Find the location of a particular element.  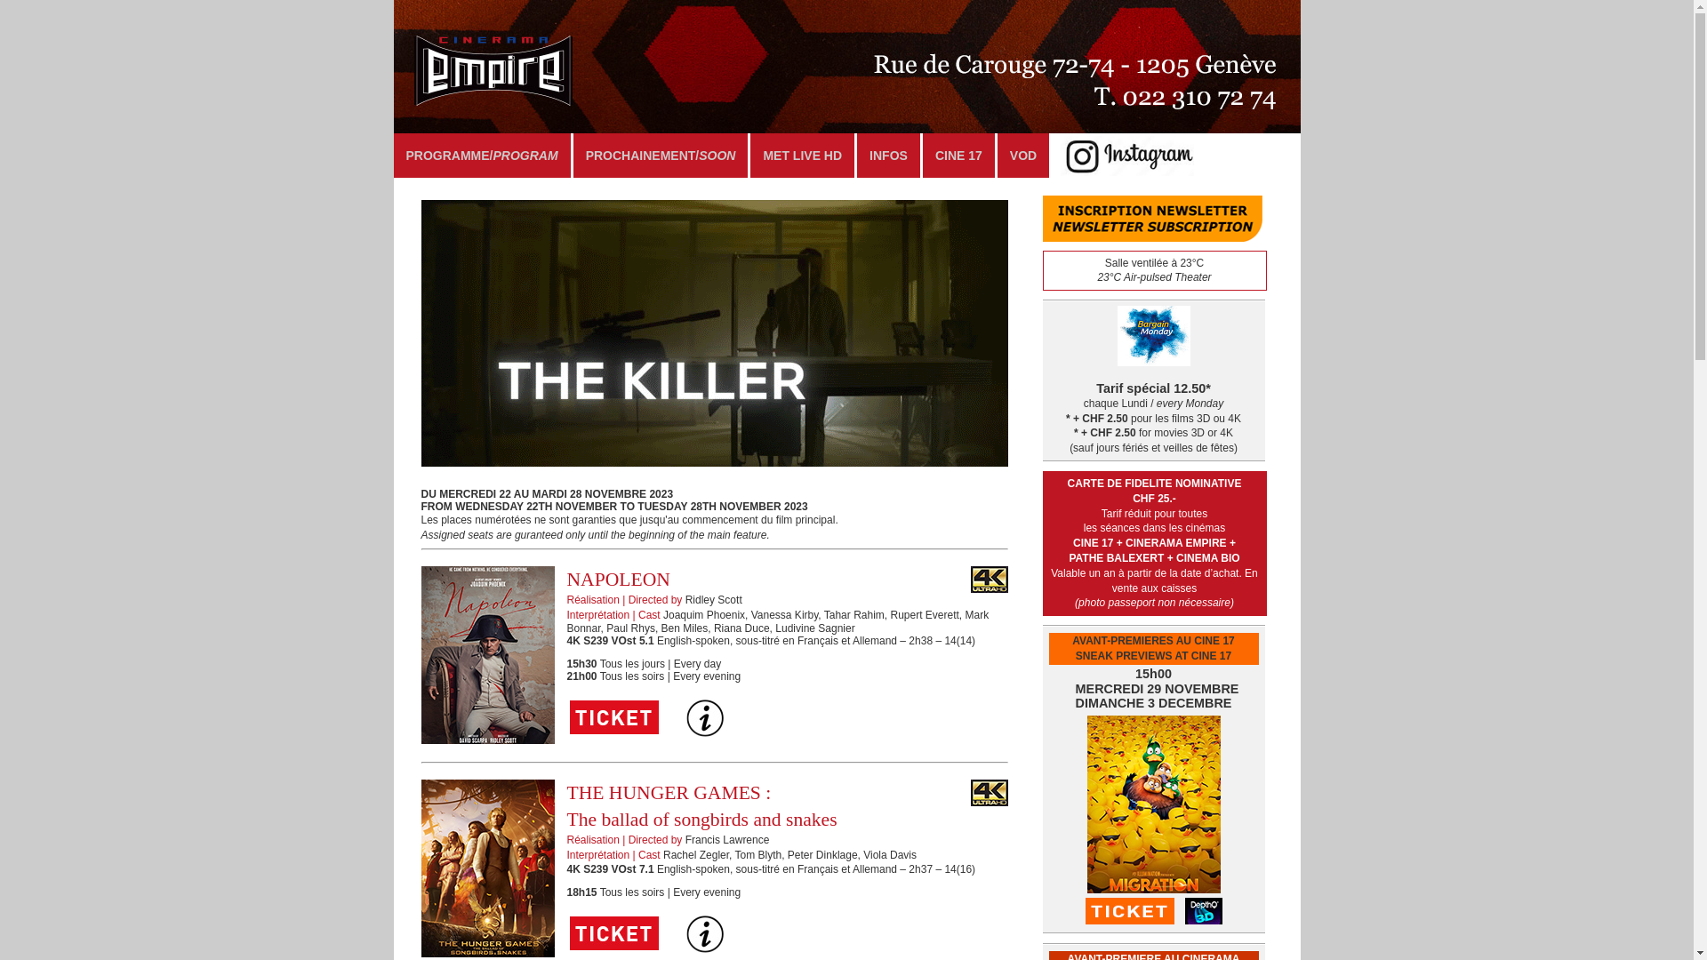

'CINE 17' is located at coordinates (958, 154).